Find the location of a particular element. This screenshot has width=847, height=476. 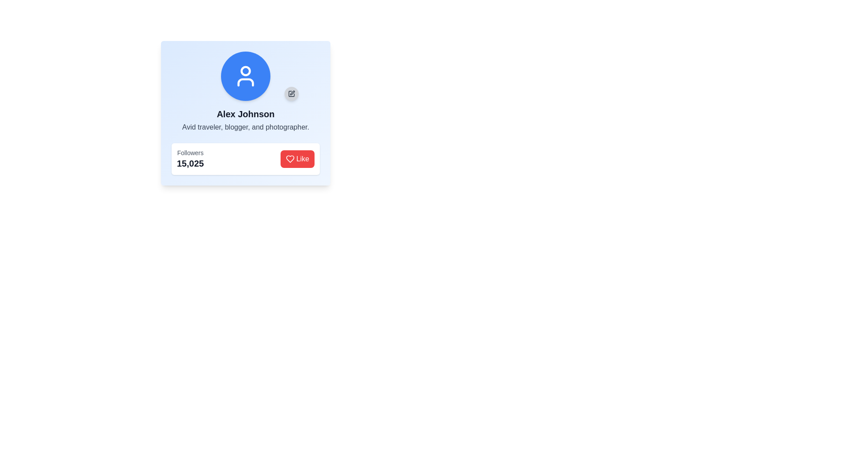

the text element displaying '15,025' which is styled in bold and dark color, located under the 'Followers' label is located at coordinates (190, 163).